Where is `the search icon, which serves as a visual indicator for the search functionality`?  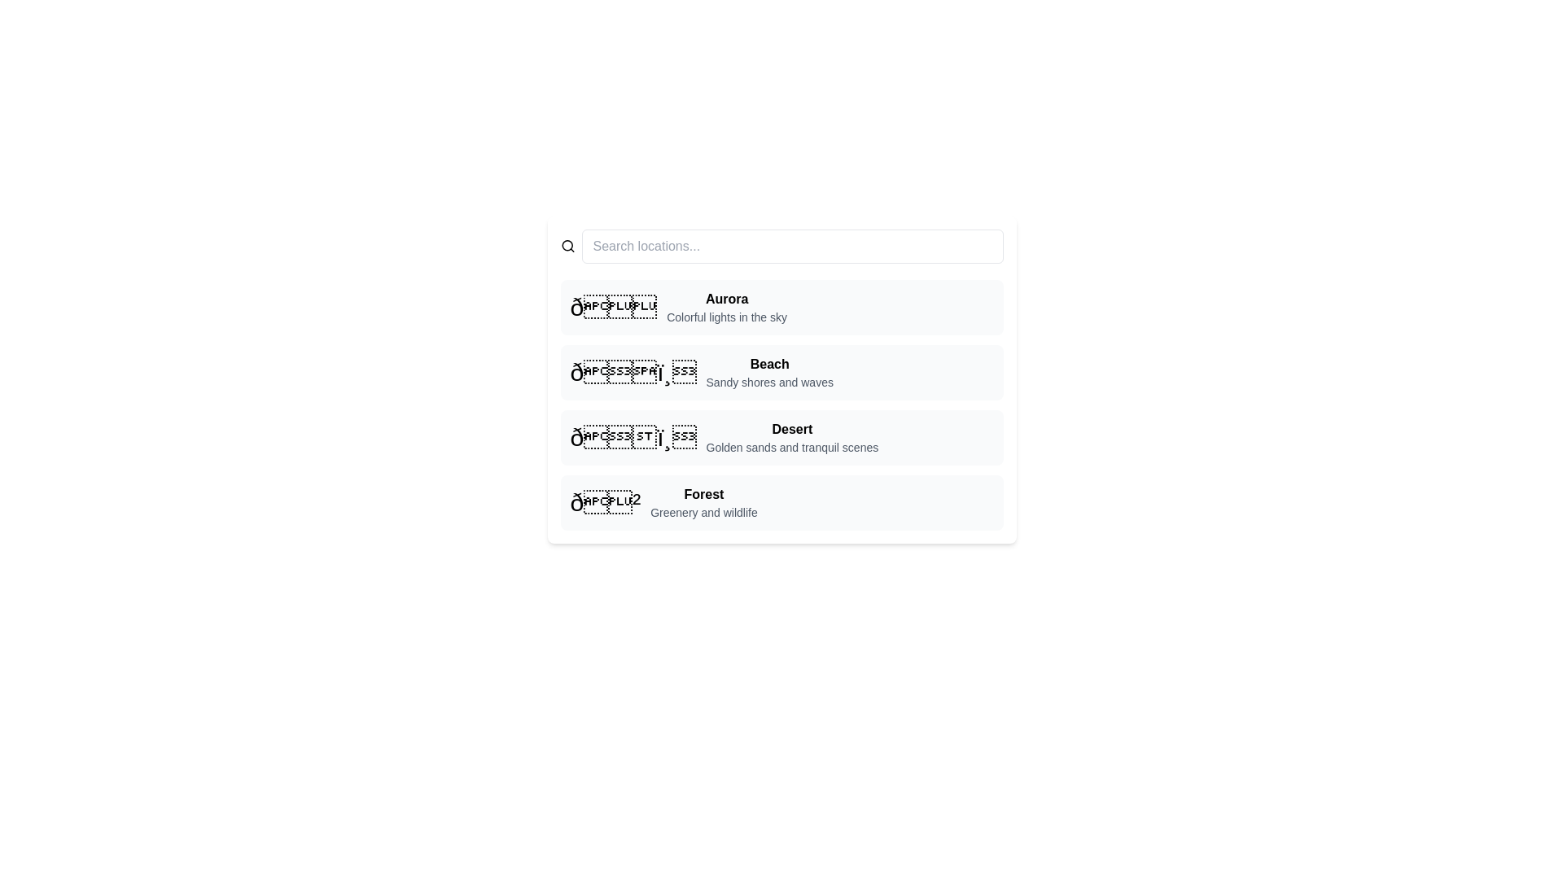 the search icon, which serves as a visual indicator for the search functionality is located at coordinates (567, 247).